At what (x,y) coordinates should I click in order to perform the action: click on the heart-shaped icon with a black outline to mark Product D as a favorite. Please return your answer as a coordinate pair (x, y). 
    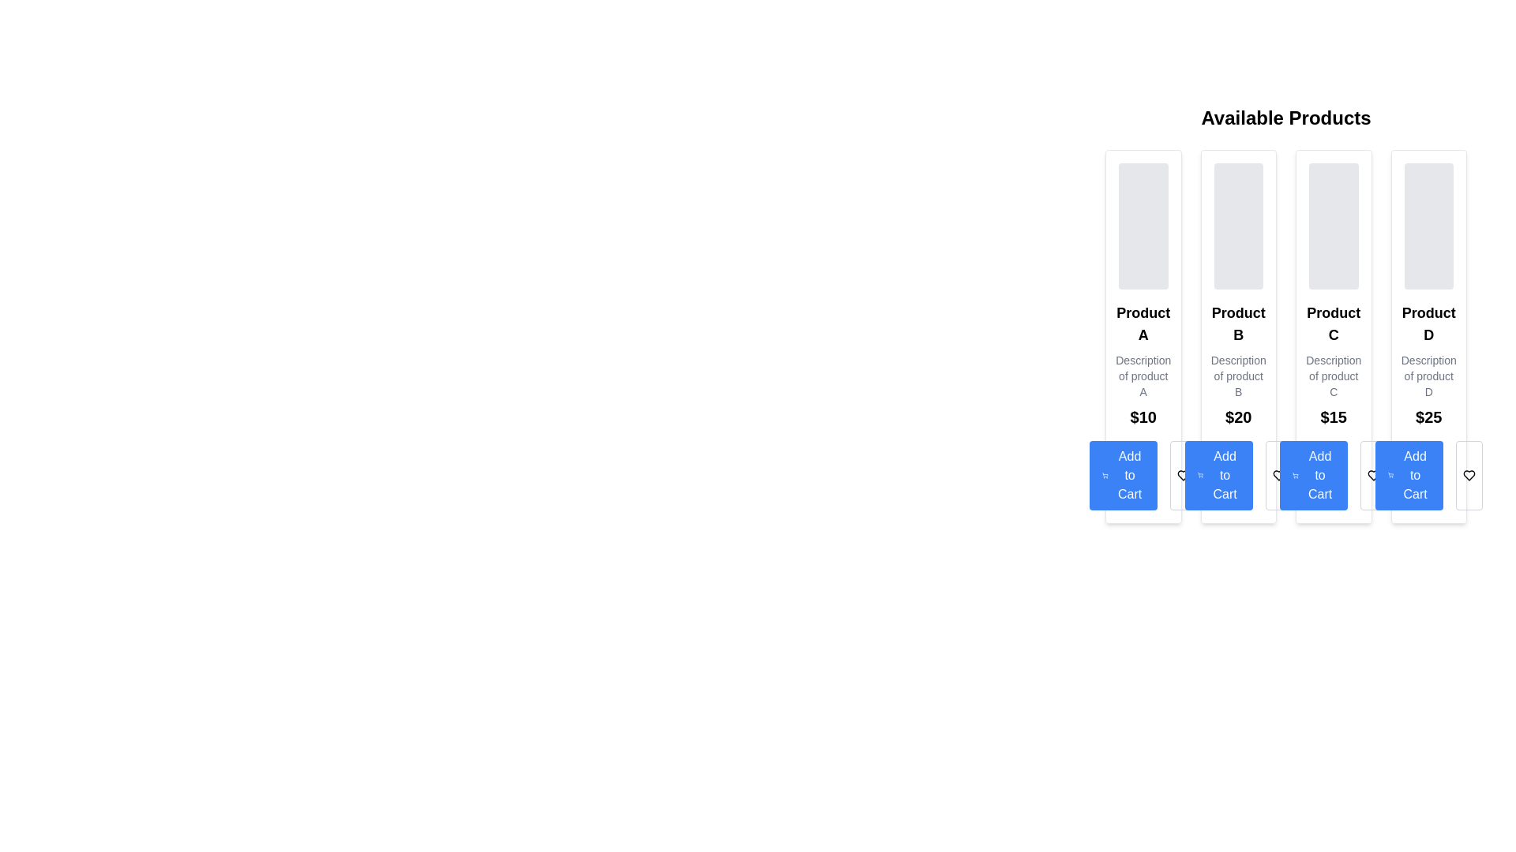
    Looking at the image, I should click on (1468, 474).